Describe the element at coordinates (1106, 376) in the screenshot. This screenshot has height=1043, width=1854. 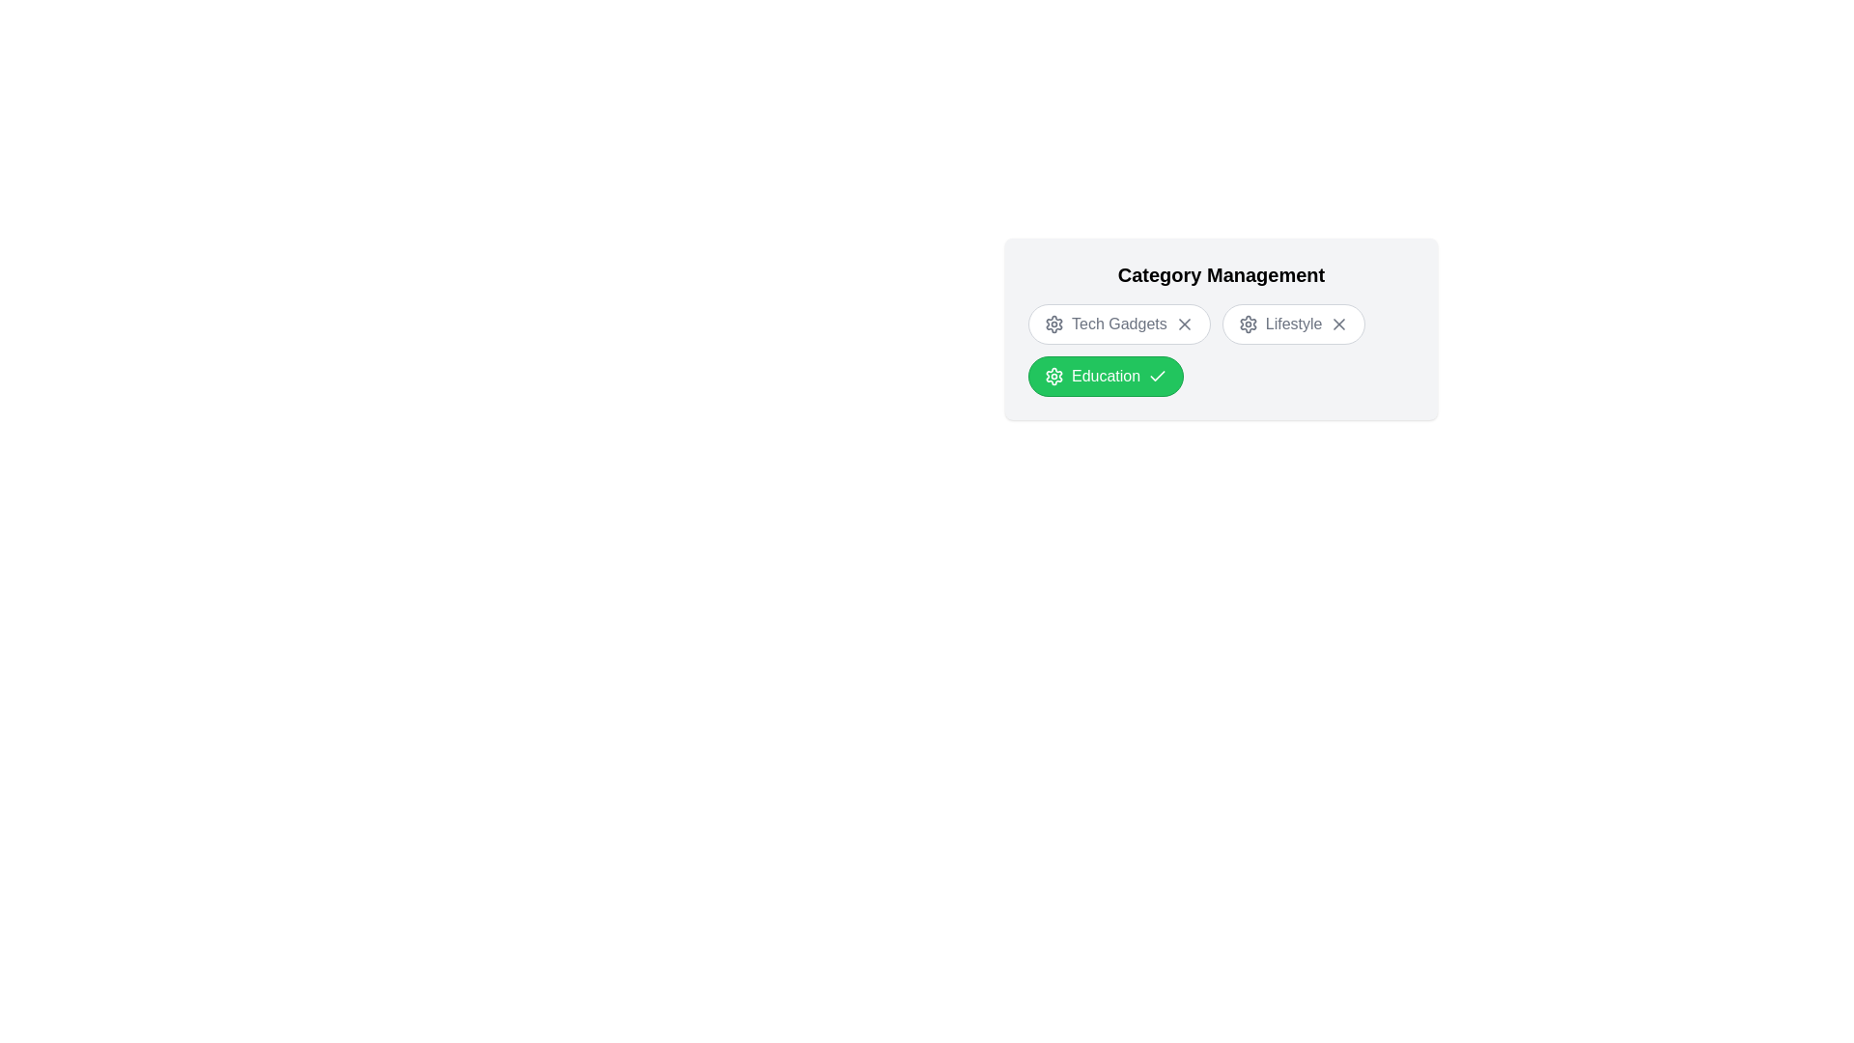
I see `the 'Education' chip to toggle its state` at that location.